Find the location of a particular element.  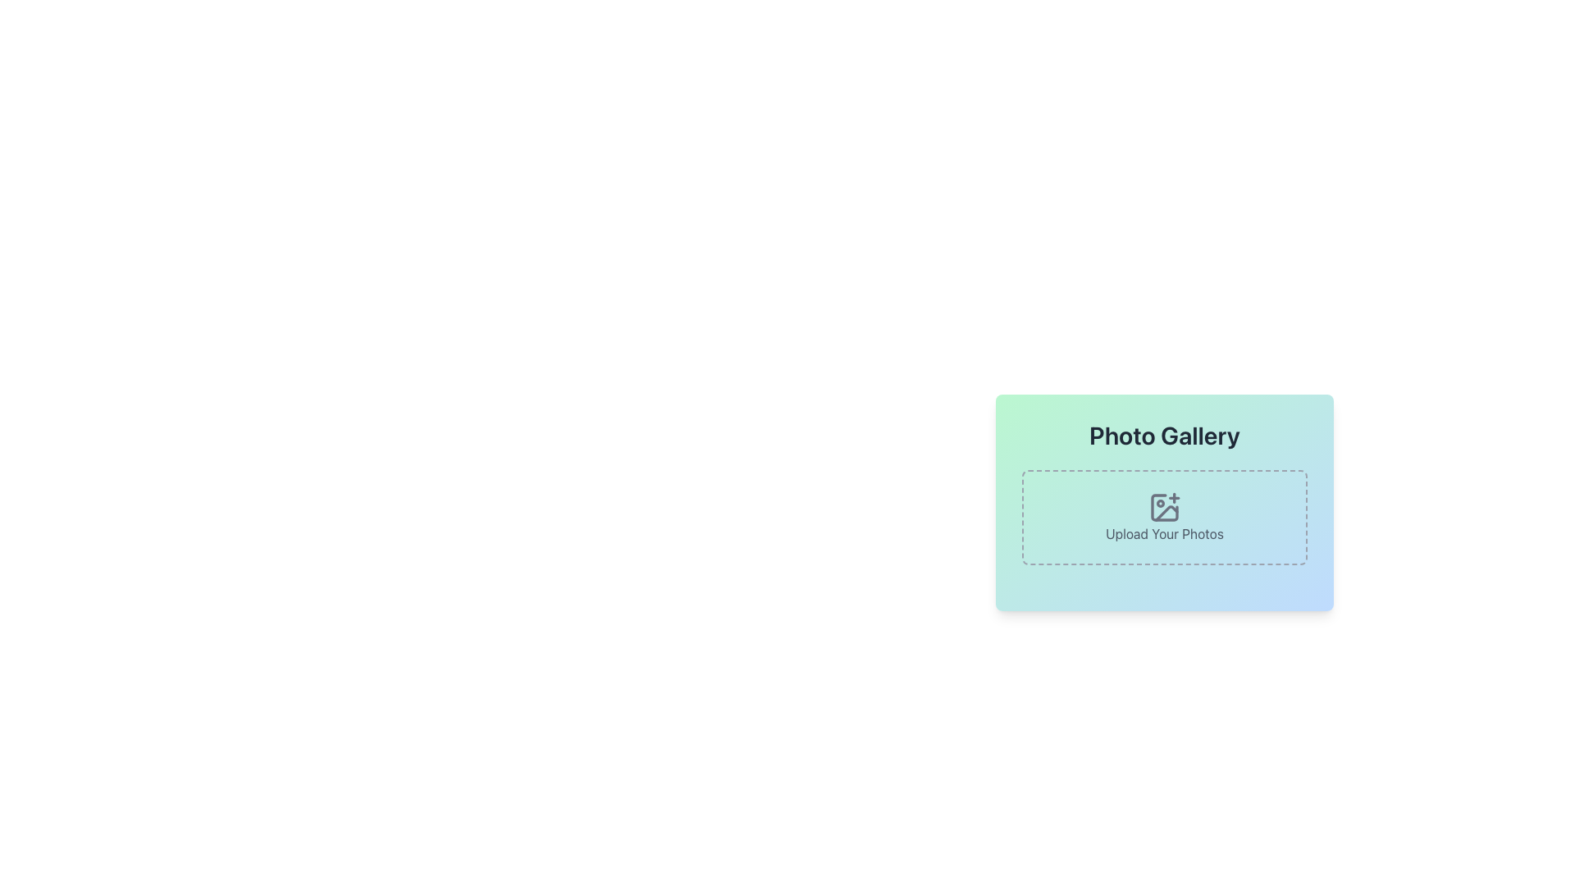

and drop photos onto the upload button located at the center of the card styled with a gradient background, which is labeled 'Photo Gallery' is located at coordinates (1164, 518).